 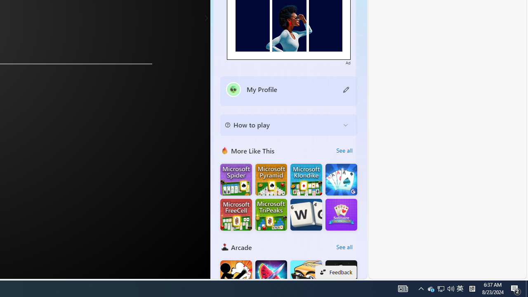 What do you see at coordinates (271, 214) in the screenshot?
I see `'Microsoft TriPeaks Solitaire'` at bounding box center [271, 214].